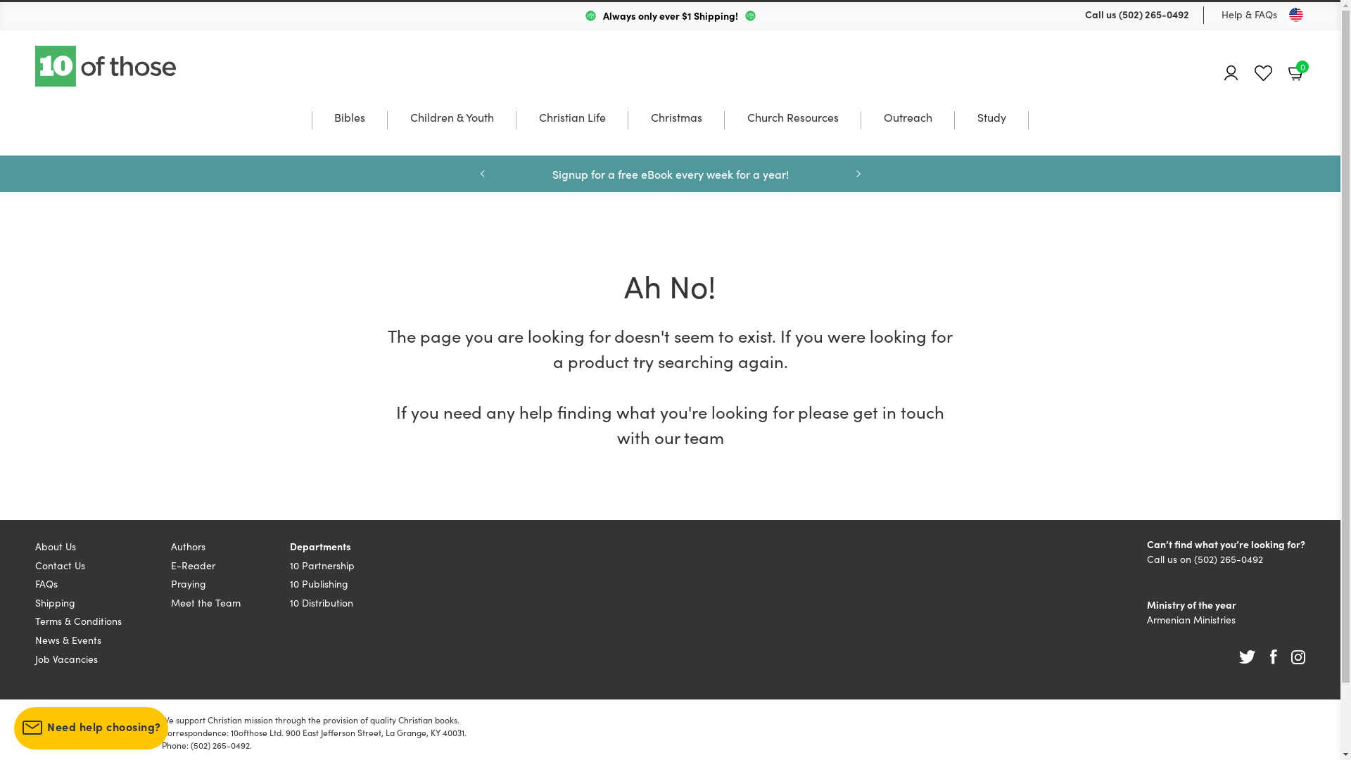  I want to click on 'Always only ever $1 Shipping!', so click(668, 15).